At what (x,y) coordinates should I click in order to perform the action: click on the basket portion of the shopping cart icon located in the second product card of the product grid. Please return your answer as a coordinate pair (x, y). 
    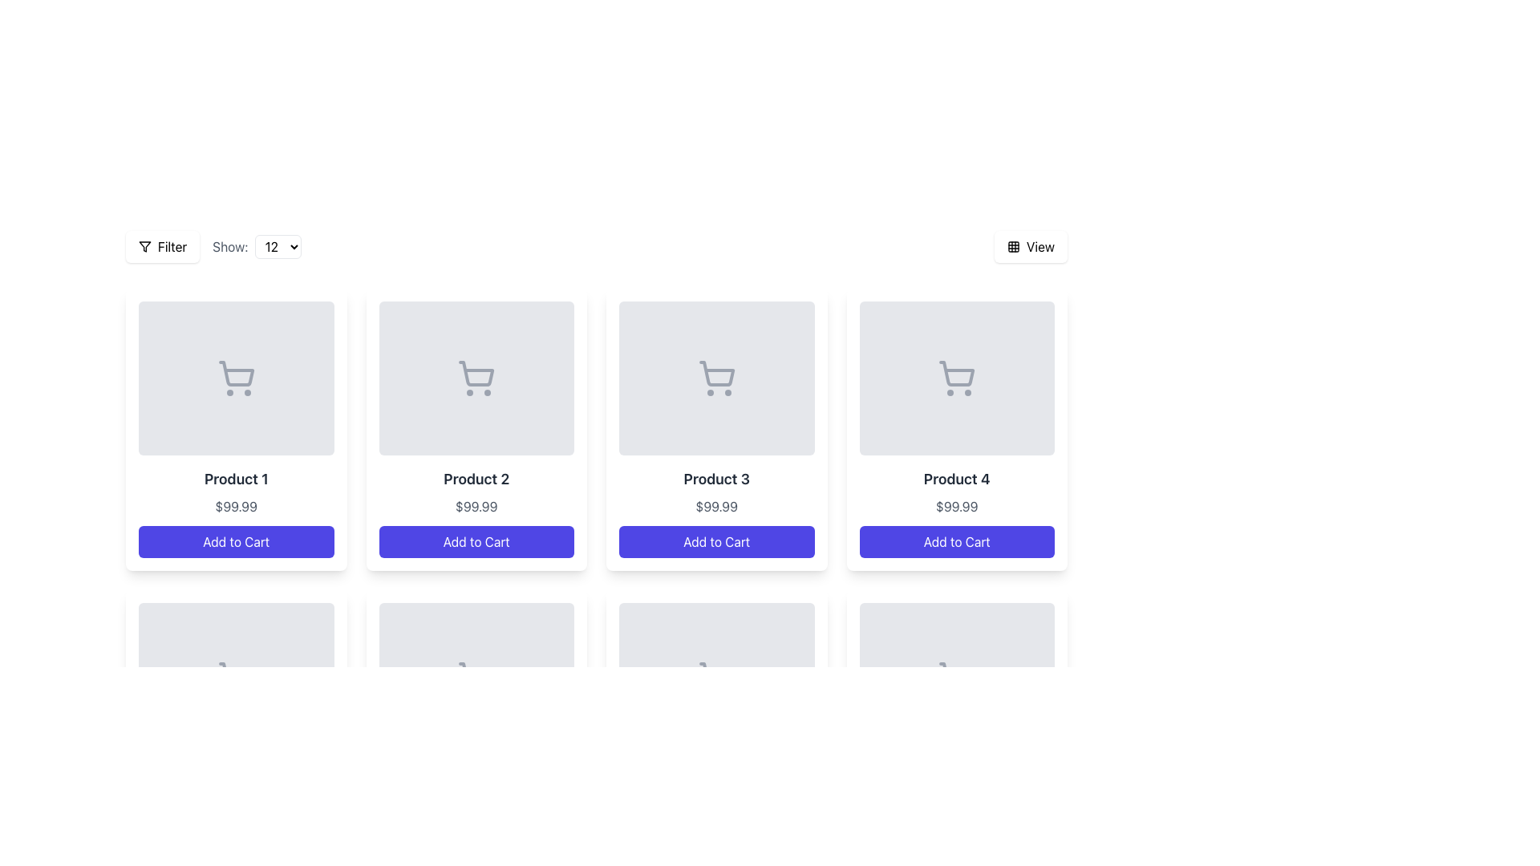
    Looking at the image, I should click on (476, 374).